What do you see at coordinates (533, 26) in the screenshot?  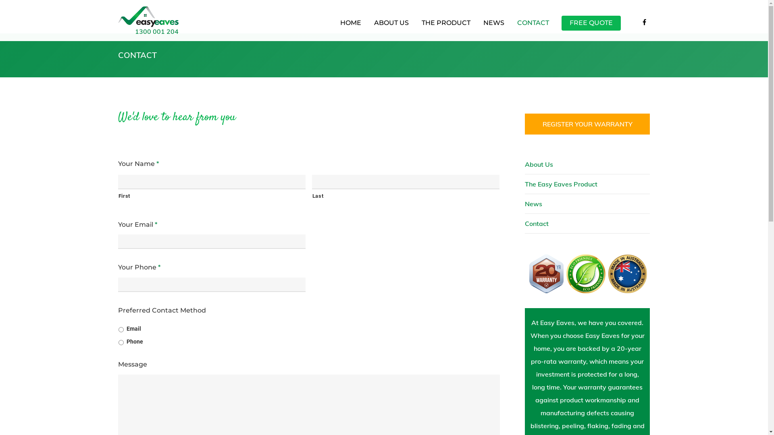 I see `'CONTACT'` at bounding box center [533, 26].